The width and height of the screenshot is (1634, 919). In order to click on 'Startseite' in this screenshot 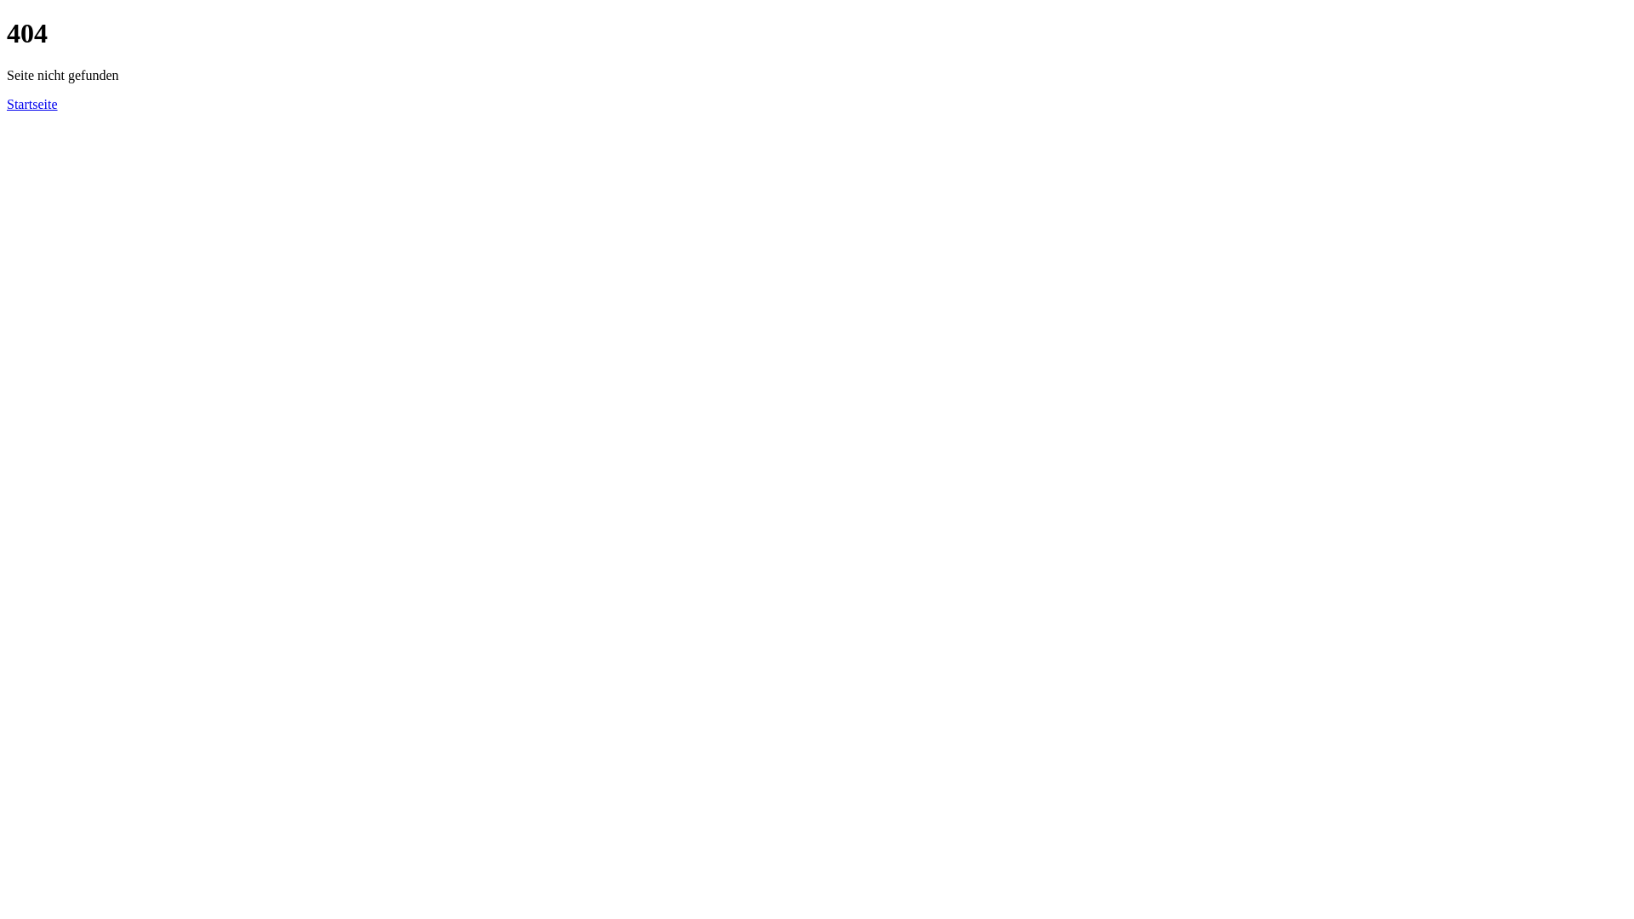, I will do `click(32, 104)`.